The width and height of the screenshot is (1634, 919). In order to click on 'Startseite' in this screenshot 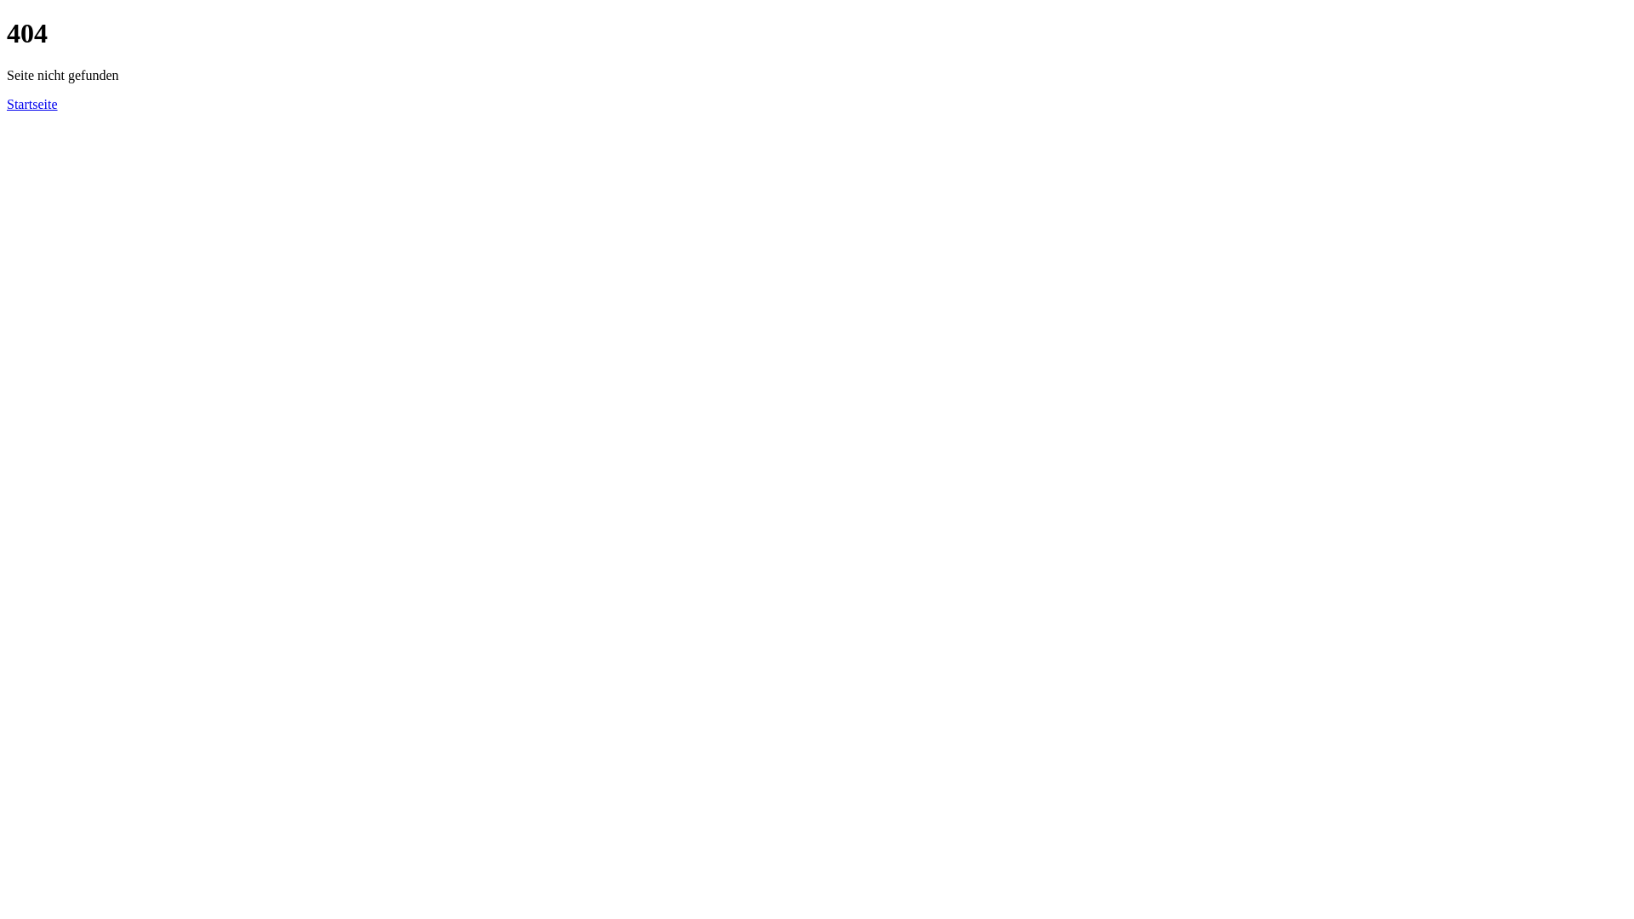, I will do `click(32, 104)`.